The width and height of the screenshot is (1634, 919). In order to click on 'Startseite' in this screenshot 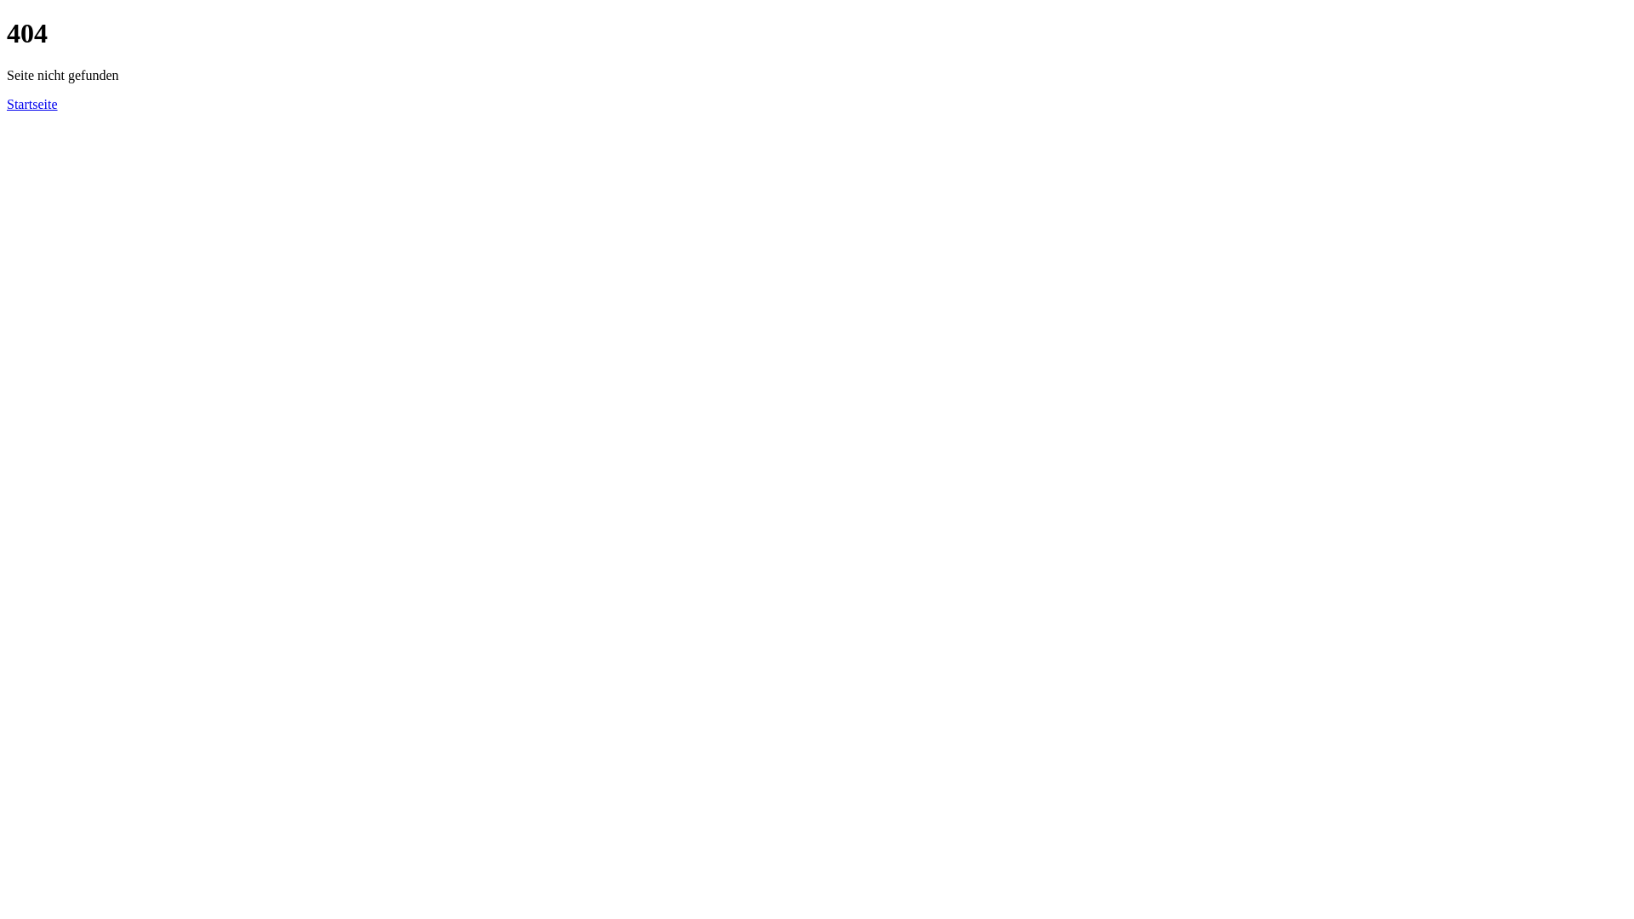, I will do `click(32, 104)`.